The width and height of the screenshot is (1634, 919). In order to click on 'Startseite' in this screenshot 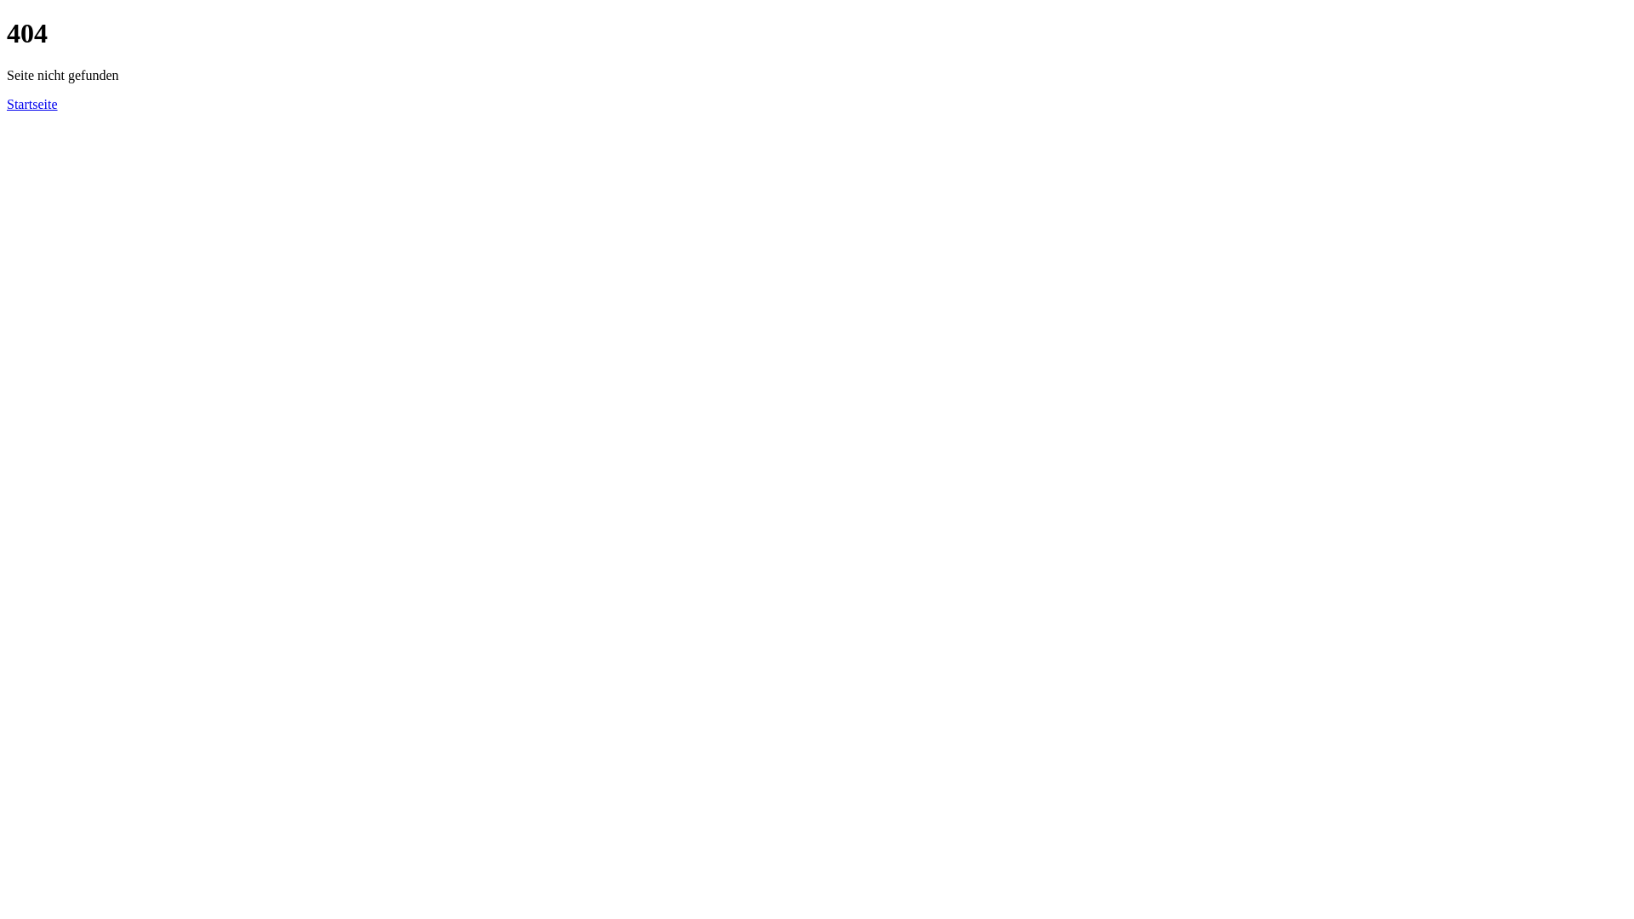, I will do `click(32, 104)`.